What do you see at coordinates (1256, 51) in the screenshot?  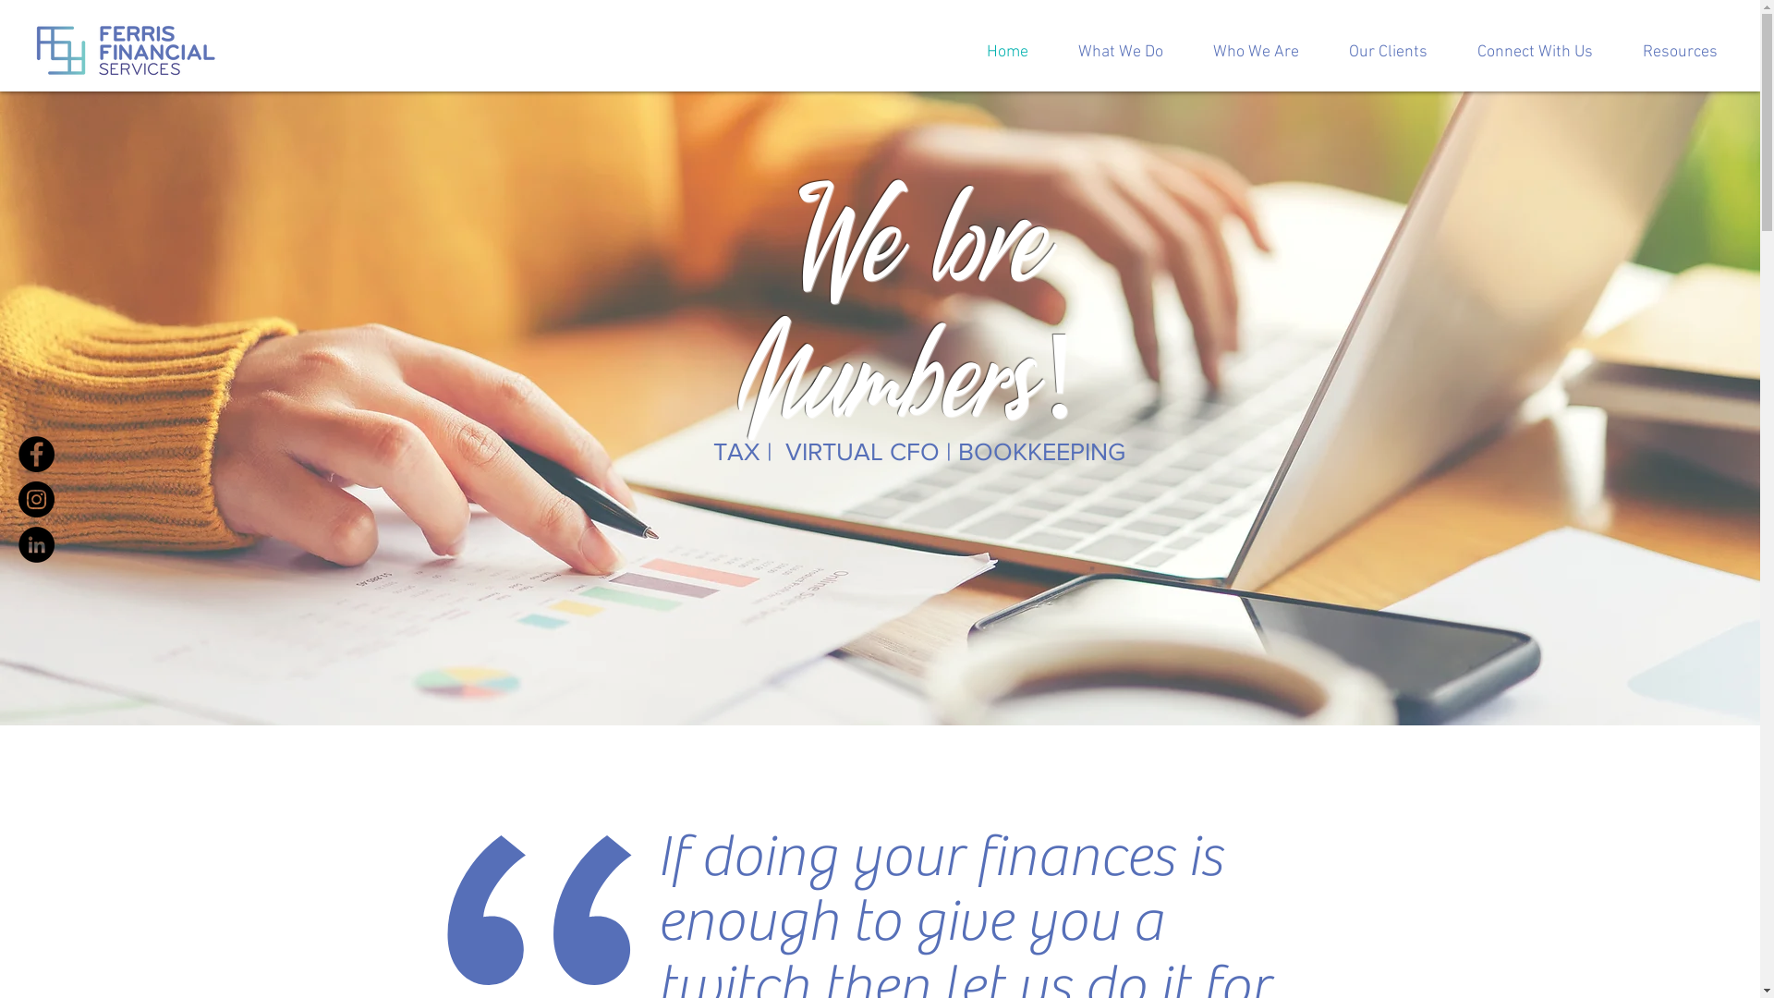 I see `'Who We Are'` at bounding box center [1256, 51].